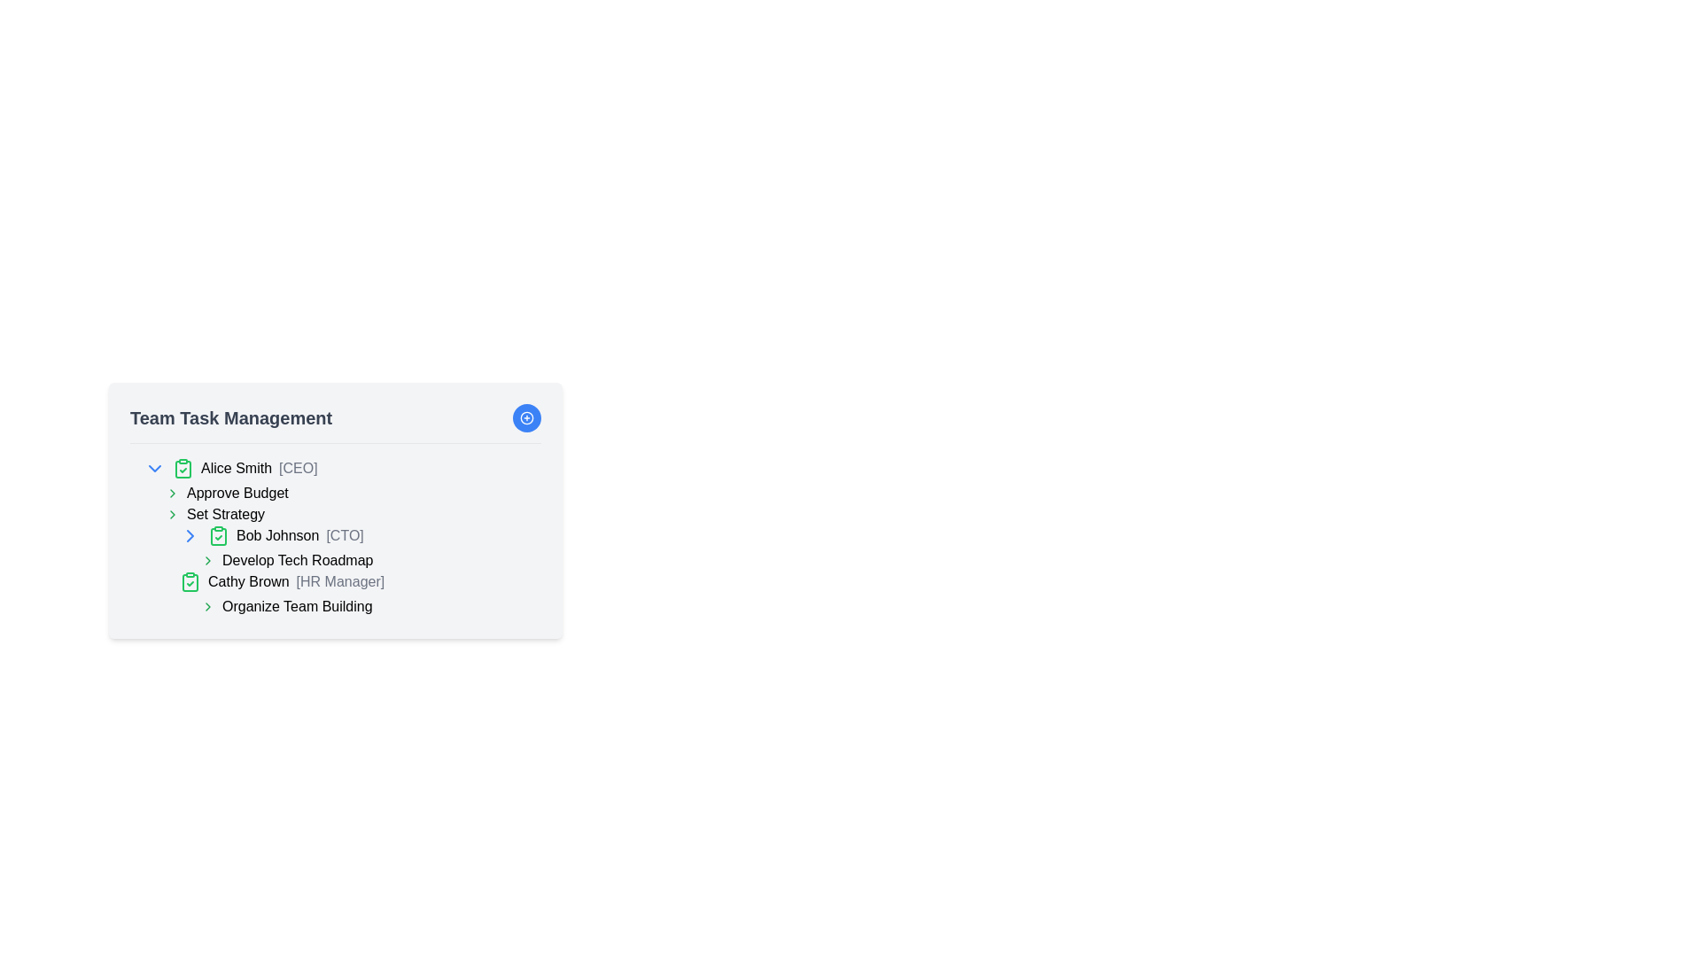 The width and height of the screenshot is (1701, 957). What do you see at coordinates (369, 560) in the screenshot?
I see `the 'Develop Tech Roadmap' text label with the green arrow icon` at bounding box center [369, 560].